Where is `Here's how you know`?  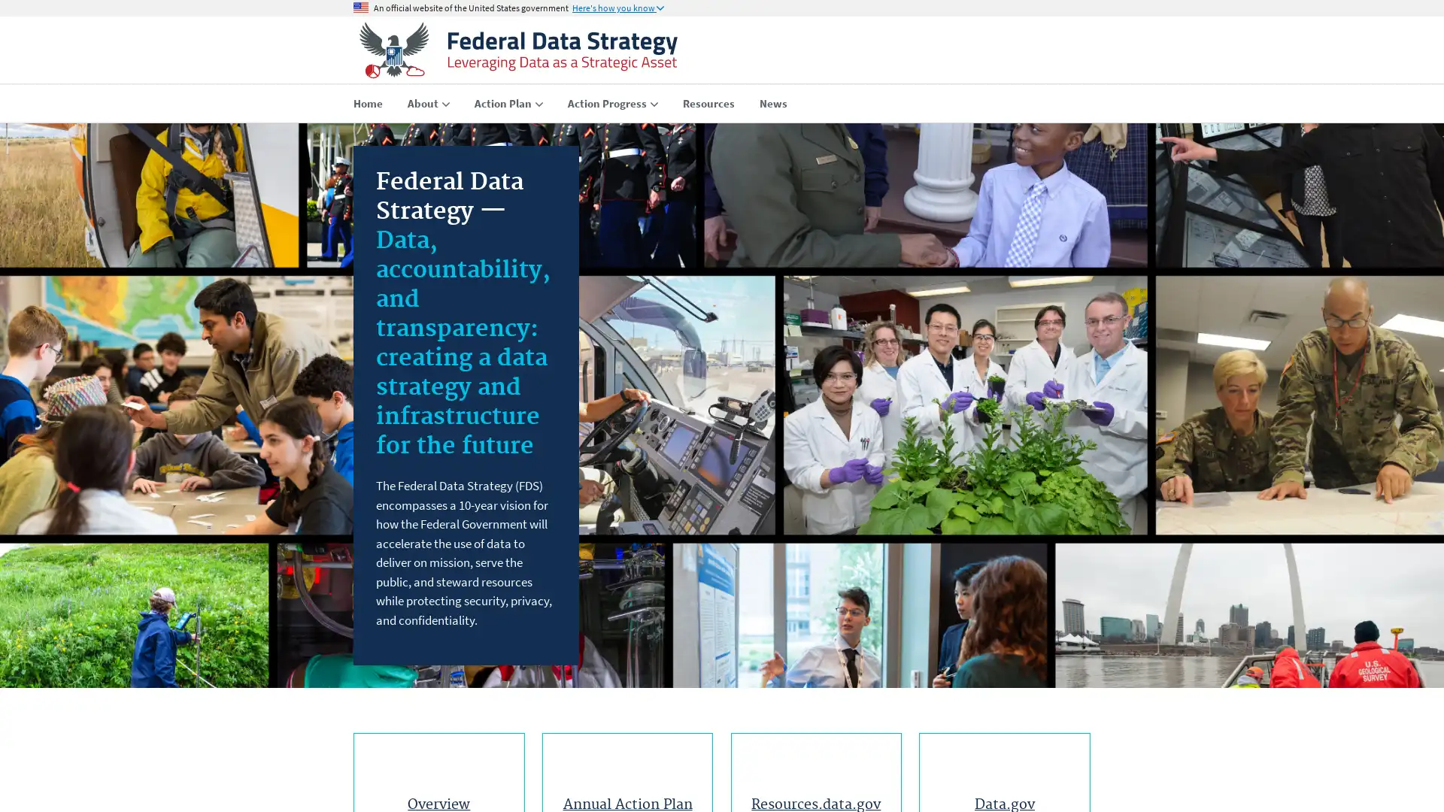
Here's how you know is located at coordinates (617, 8).